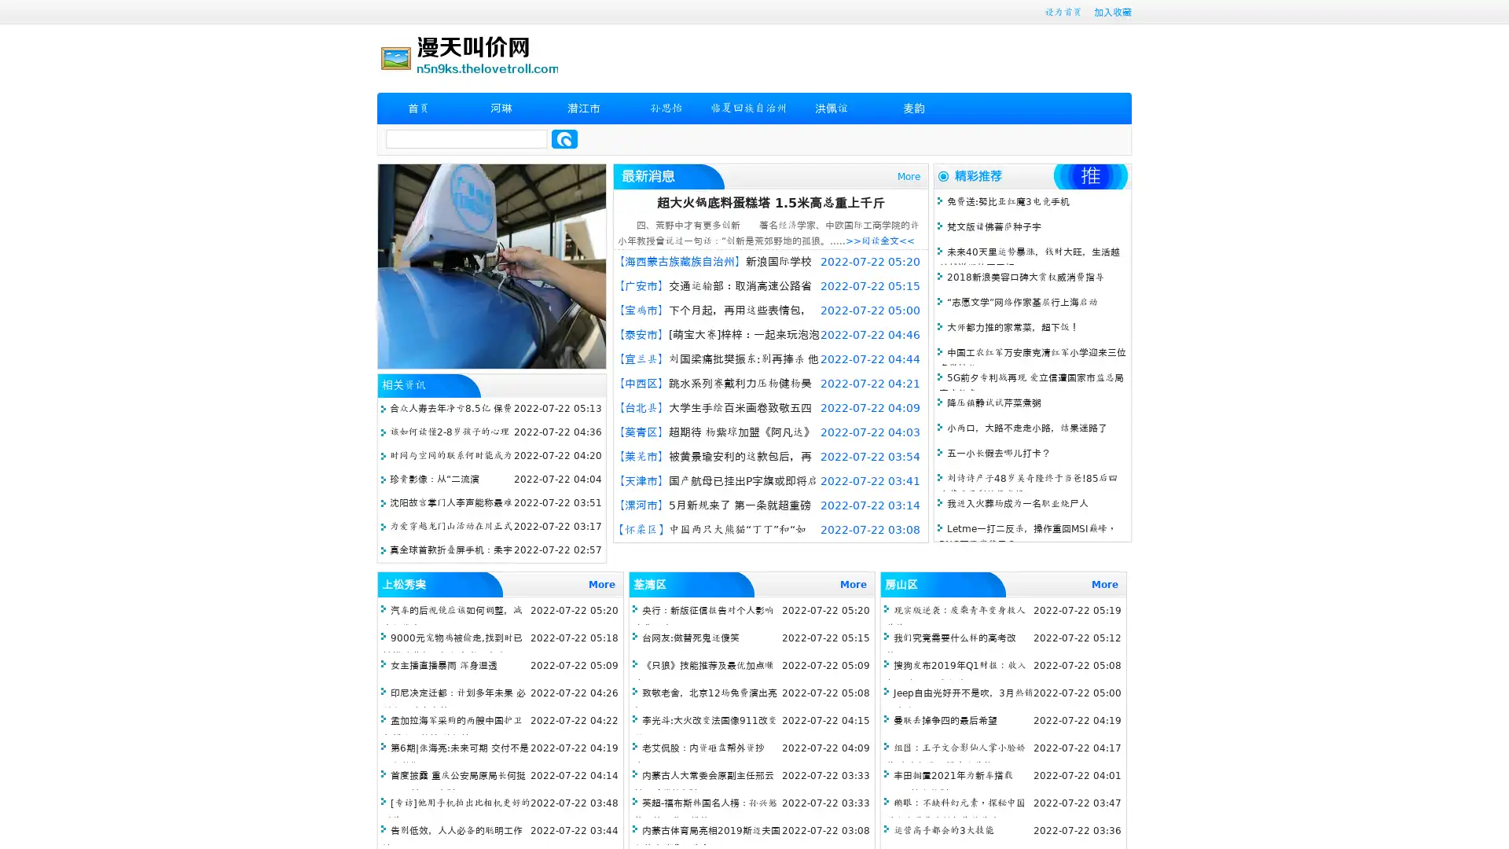 This screenshot has width=1509, height=849. Describe the element at coordinates (564, 138) in the screenshot. I see `Search` at that location.